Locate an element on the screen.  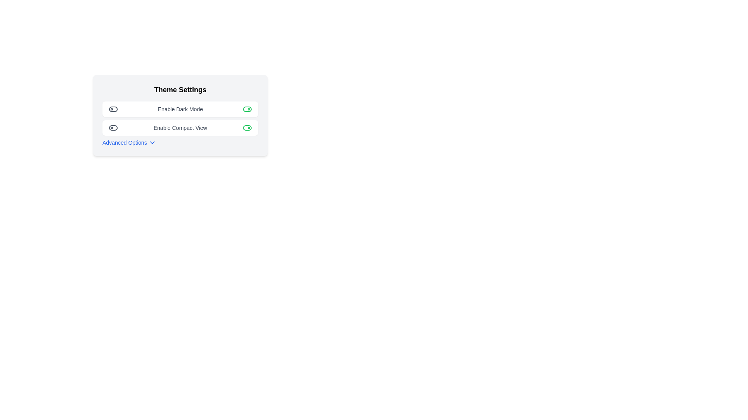
label of the toggle switch for the compact view setting located in the 'Theme Settings' section, which is the second list item below 'Enable Dark Mode' is located at coordinates (180, 127).